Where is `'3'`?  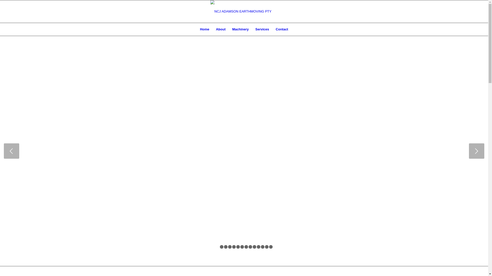 '3' is located at coordinates (225, 246).